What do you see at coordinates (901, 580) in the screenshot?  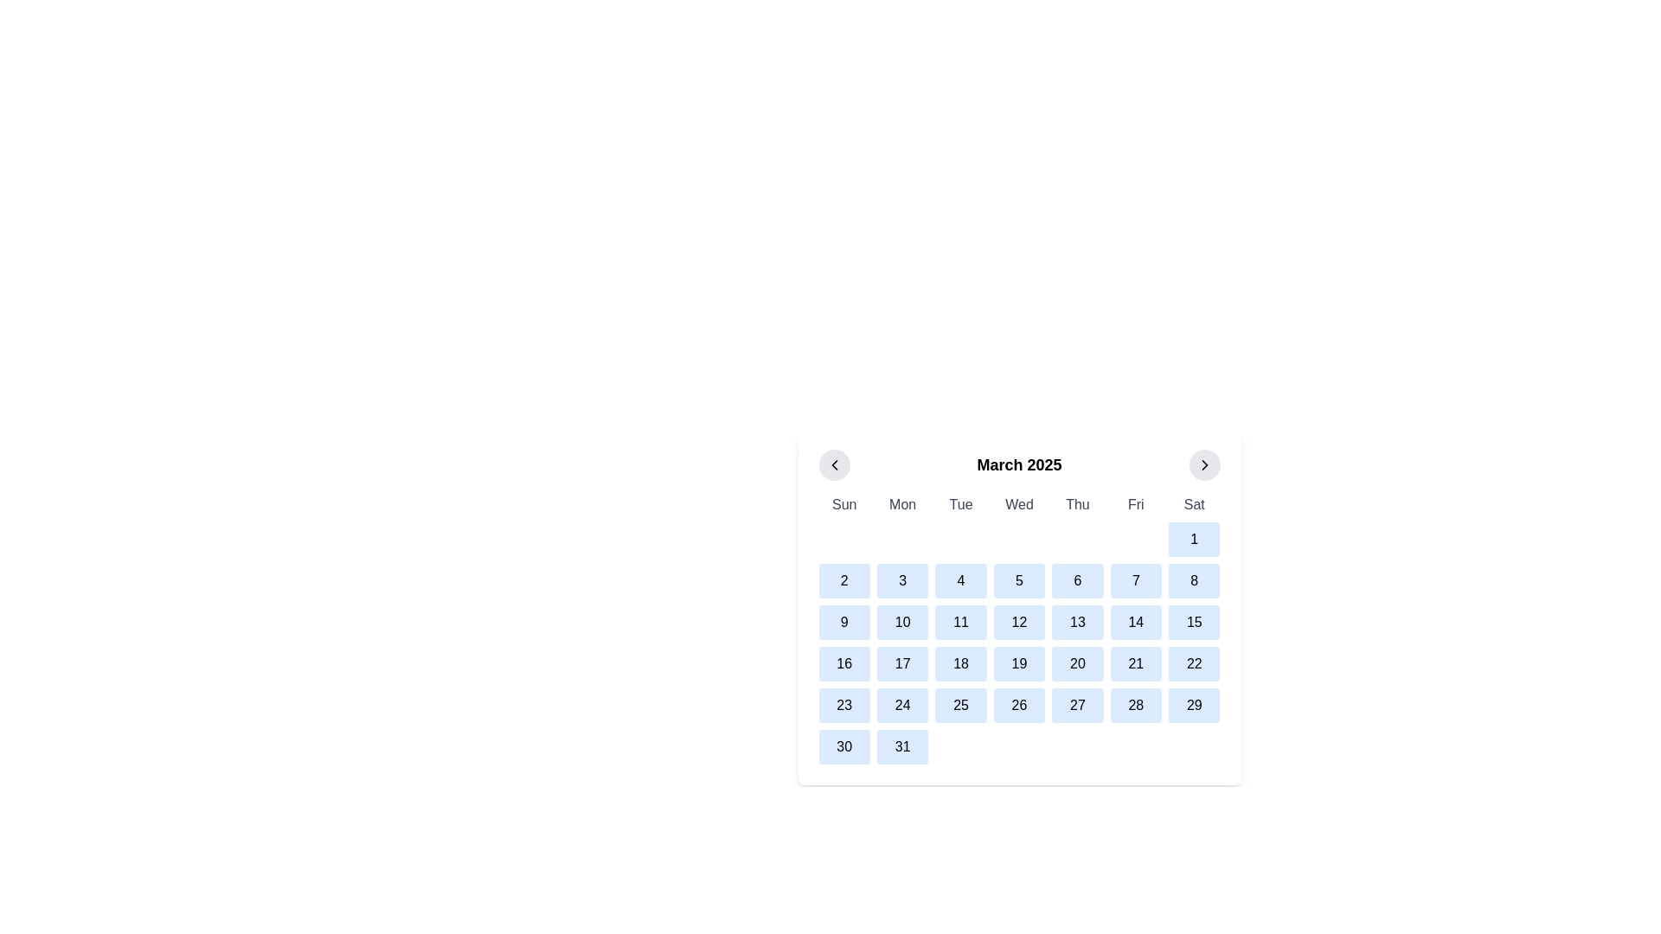 I see `the button representing the date '3' on the calendar` at bounding box center [901, 580].